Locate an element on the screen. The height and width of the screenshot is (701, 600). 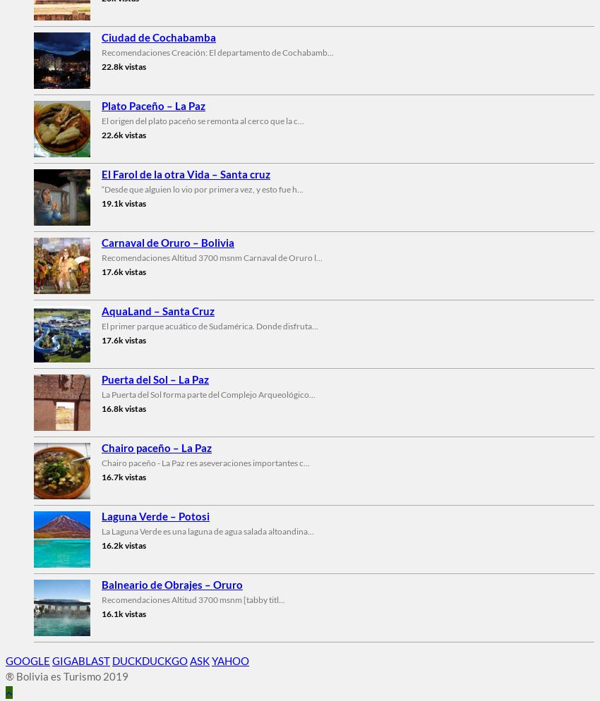
'ASK' is located at coordinates (198, 659).